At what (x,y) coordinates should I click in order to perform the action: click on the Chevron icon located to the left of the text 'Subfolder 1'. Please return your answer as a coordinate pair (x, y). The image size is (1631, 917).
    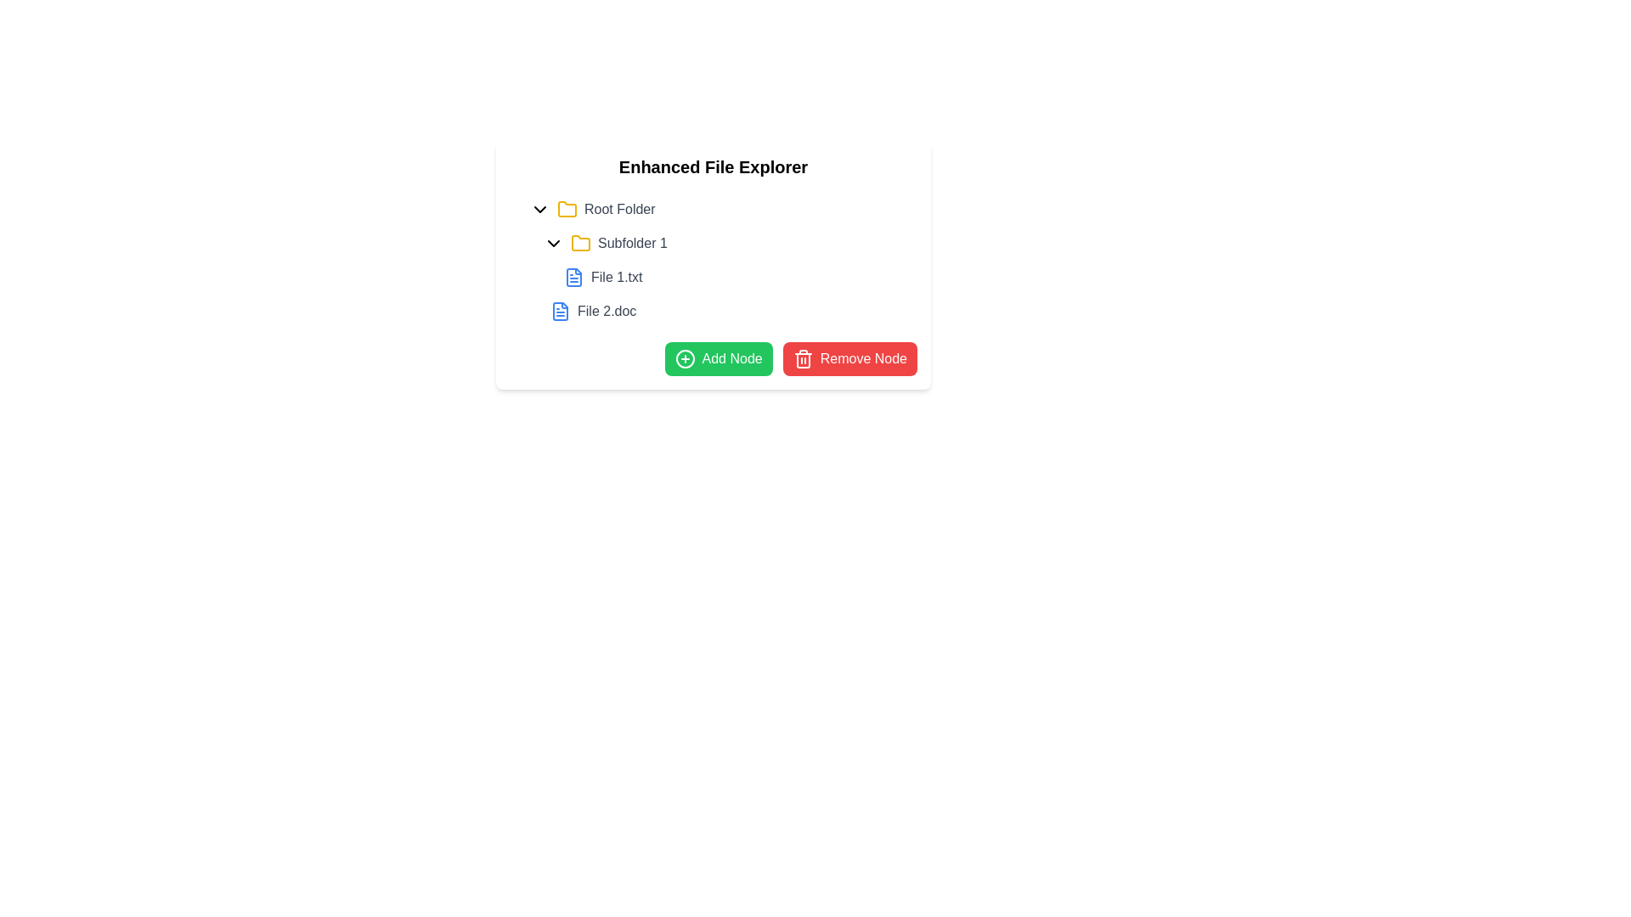
    Looking at the image, I should click on (554, 243).